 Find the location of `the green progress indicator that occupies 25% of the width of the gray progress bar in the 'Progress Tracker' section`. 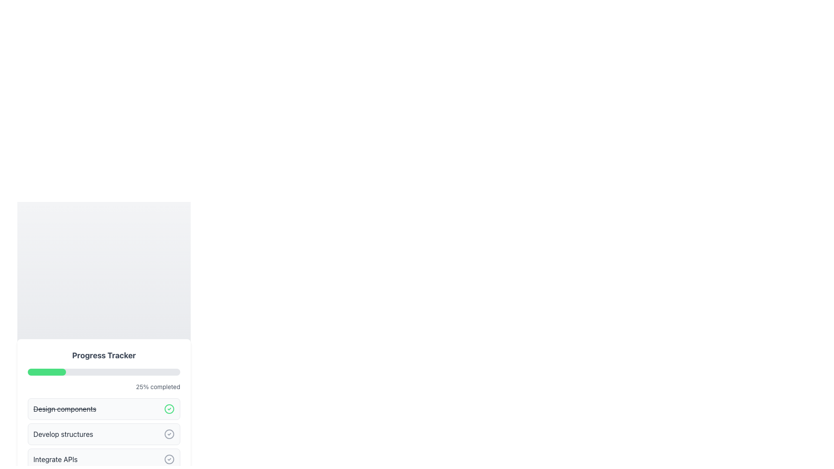

the green progress indicator that occupies 25% of the width of the gray progress bar in the 'Progress Tracker' section is located at coordinates (46, 371).